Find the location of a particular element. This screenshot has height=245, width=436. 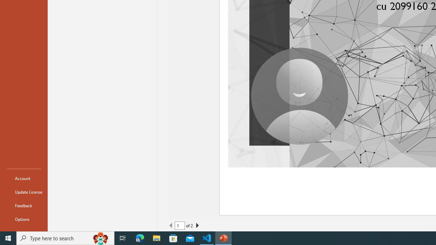

'Previous Page' is located at coordinates (171, 226).